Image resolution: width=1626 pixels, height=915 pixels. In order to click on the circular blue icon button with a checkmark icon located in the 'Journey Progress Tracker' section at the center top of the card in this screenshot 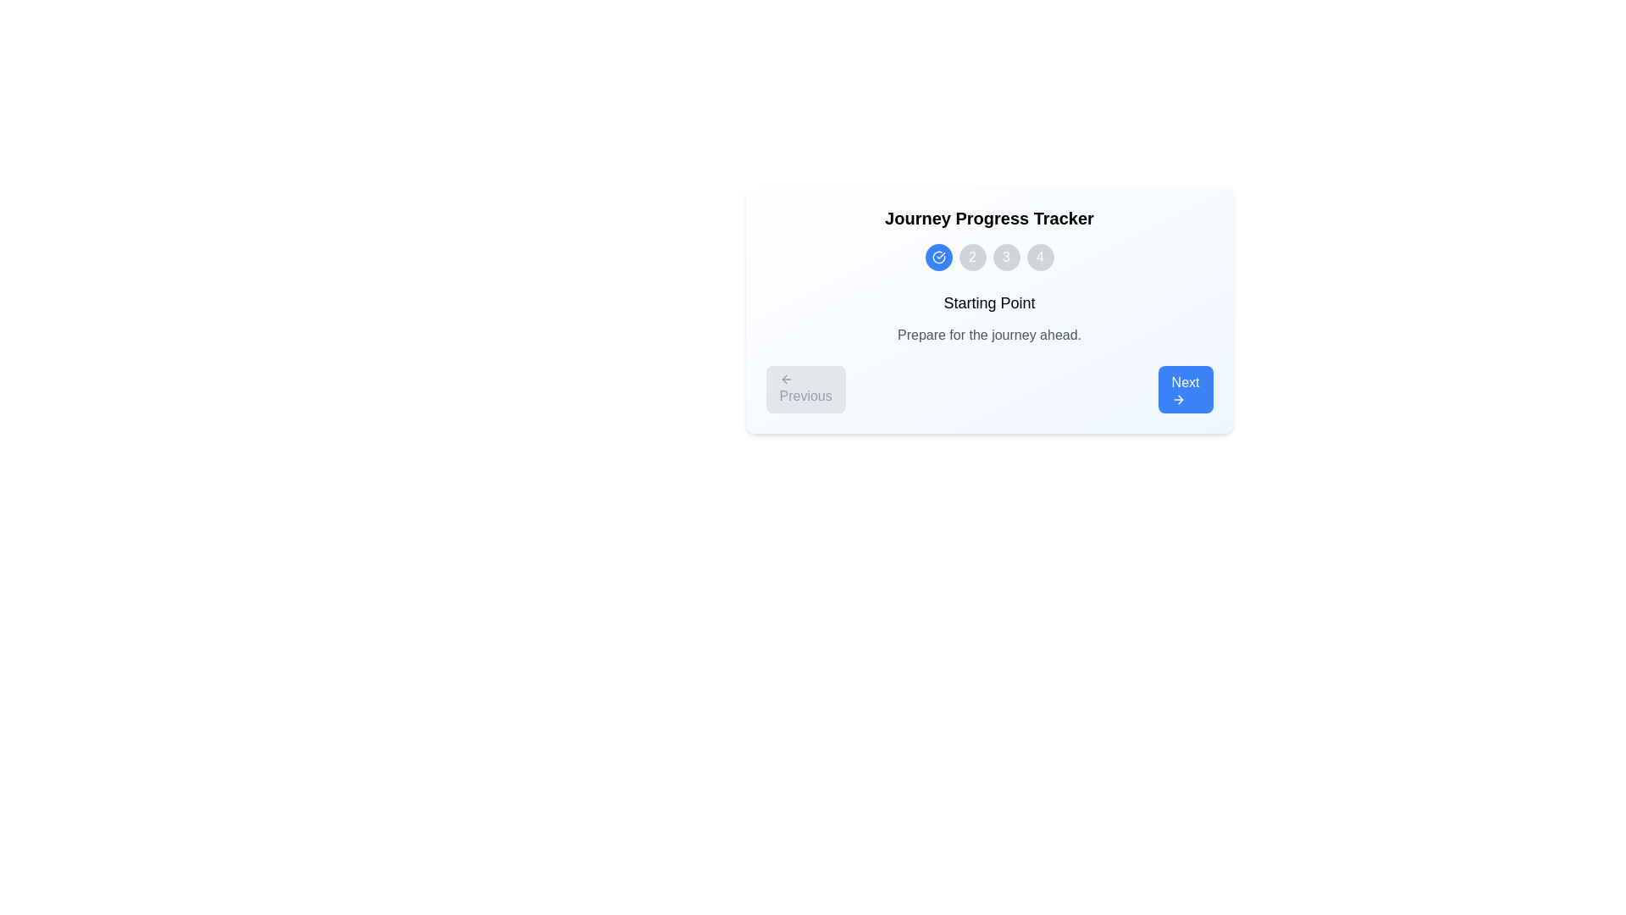, I will do `click(937, 258)`.